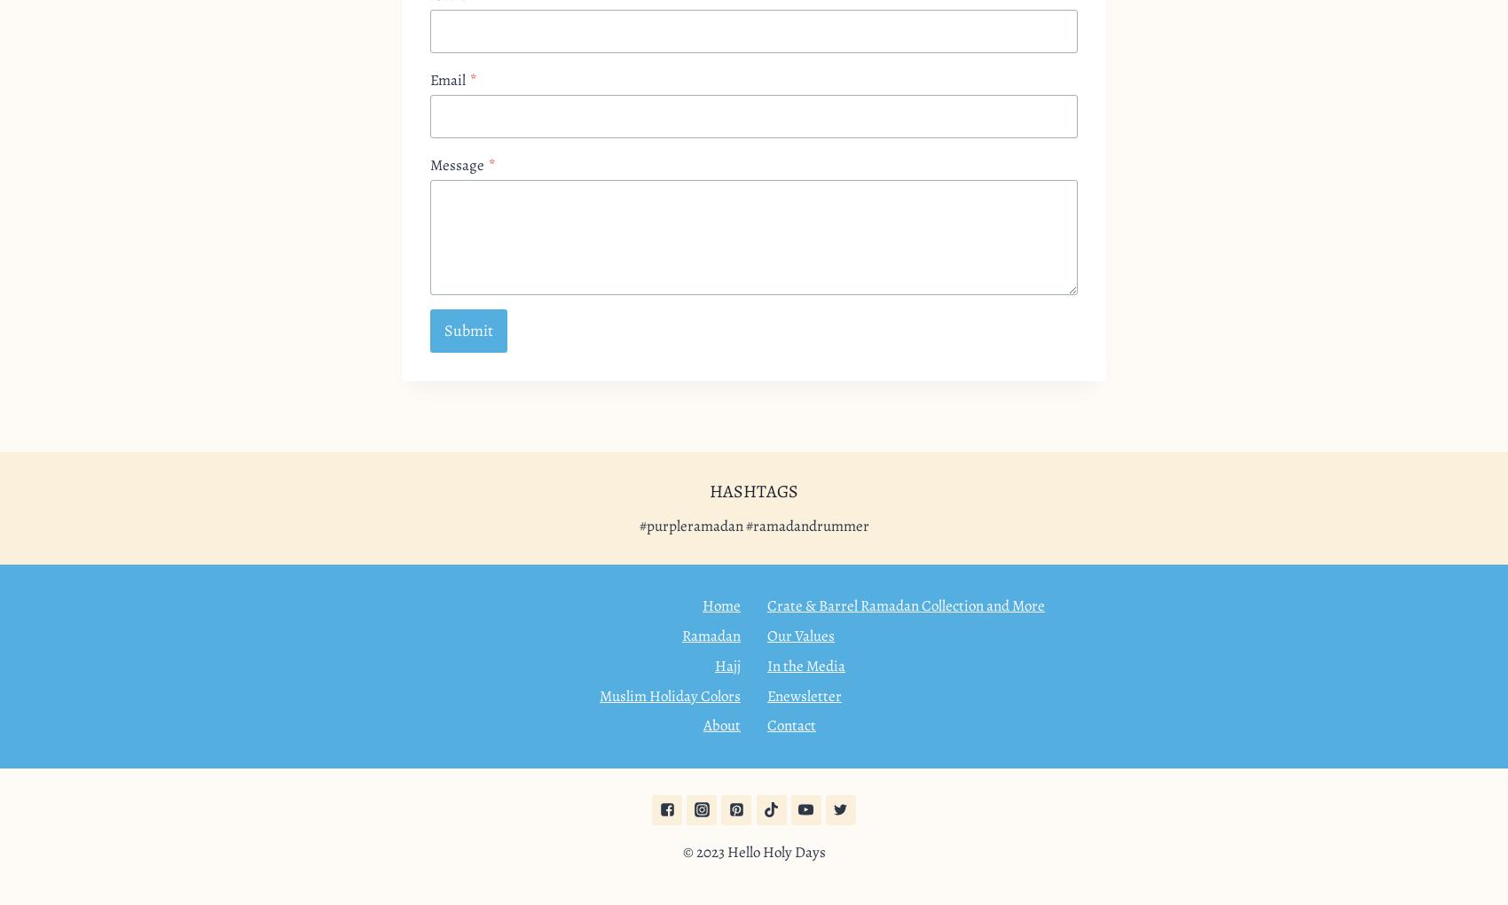 The width and height of the screenshot is (1508, 905). What do you see at coordinates (804, 695) in the screenshot?
I see `'Enewsletter'` at bounding box center [804, 695].